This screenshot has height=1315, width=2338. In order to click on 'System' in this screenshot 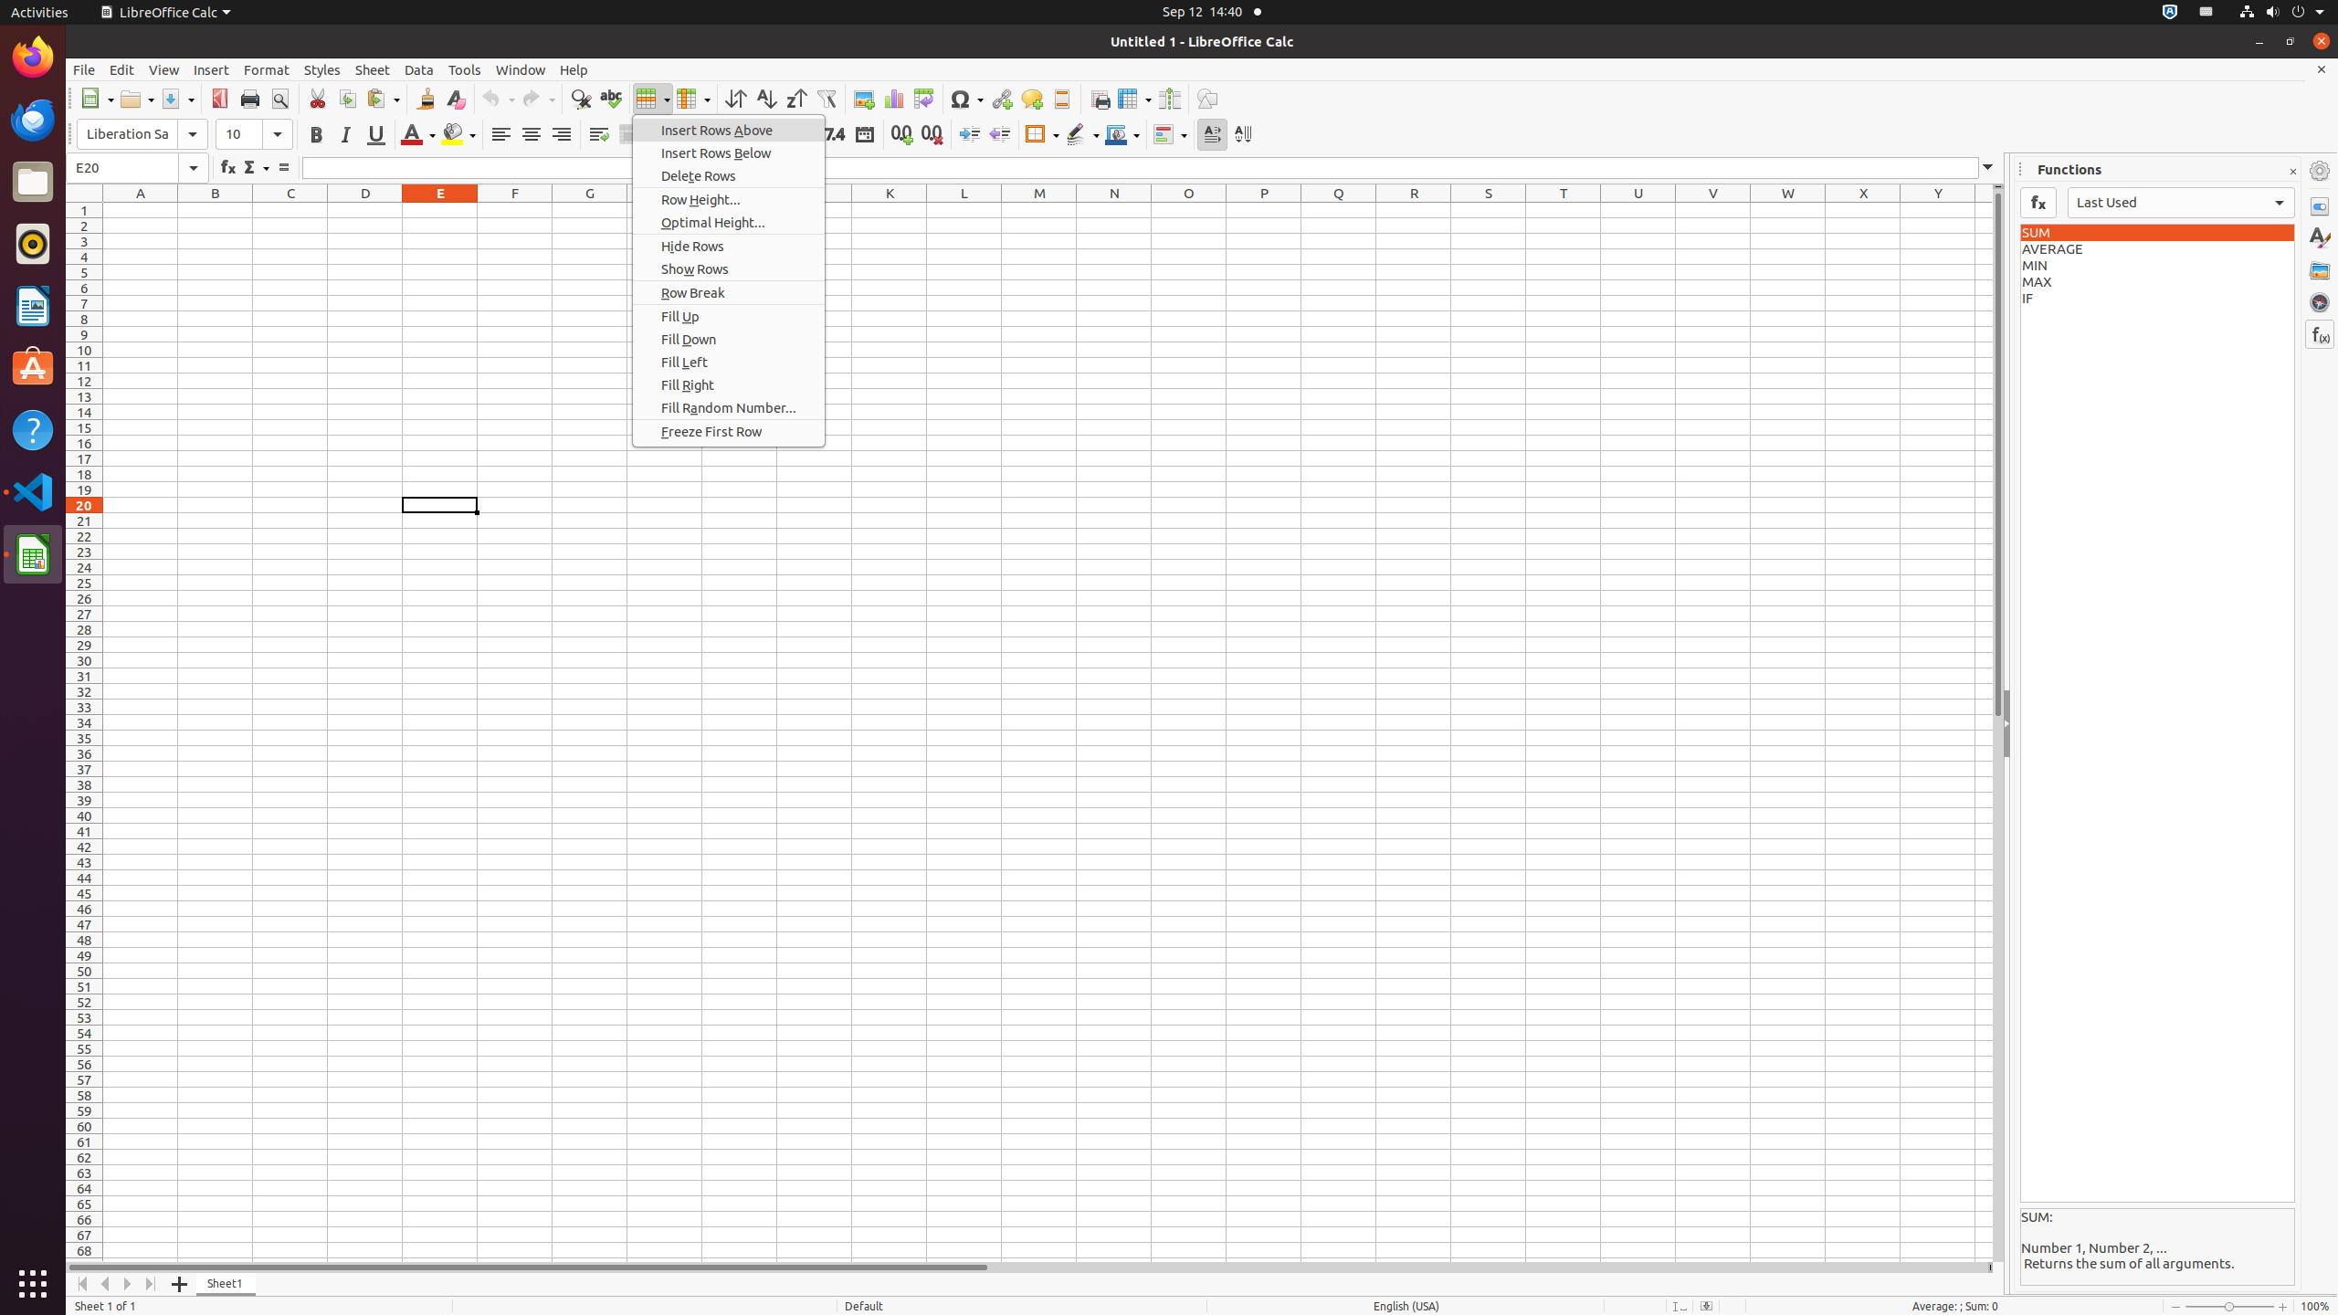, I will do `click(2281, 11)`.